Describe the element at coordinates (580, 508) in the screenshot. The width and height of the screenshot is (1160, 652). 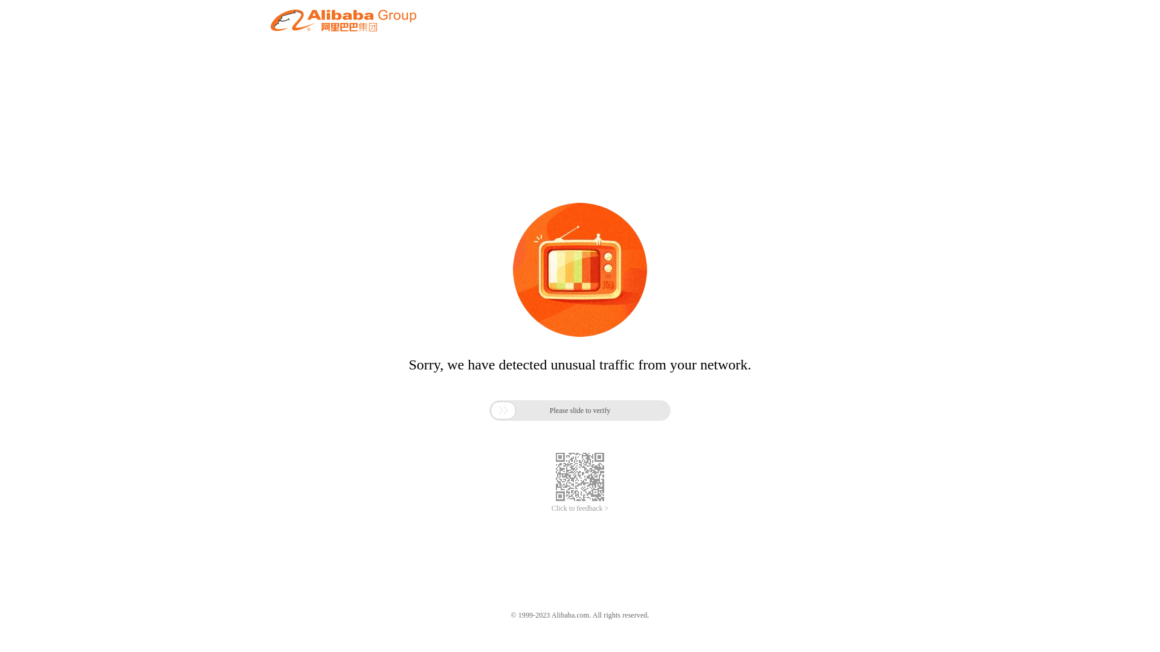
I see `'Click to feedback >'` at that location.